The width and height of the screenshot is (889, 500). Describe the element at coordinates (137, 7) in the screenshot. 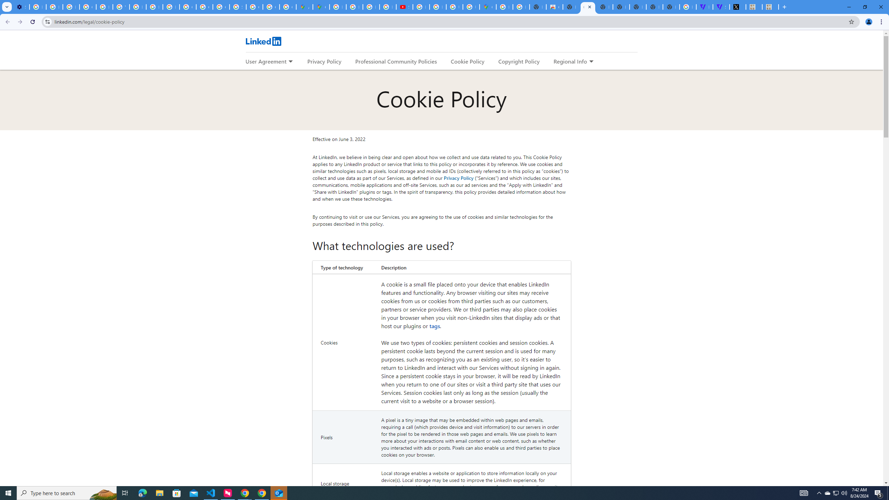

I see `'https://scholar.google.com/'` at that location.